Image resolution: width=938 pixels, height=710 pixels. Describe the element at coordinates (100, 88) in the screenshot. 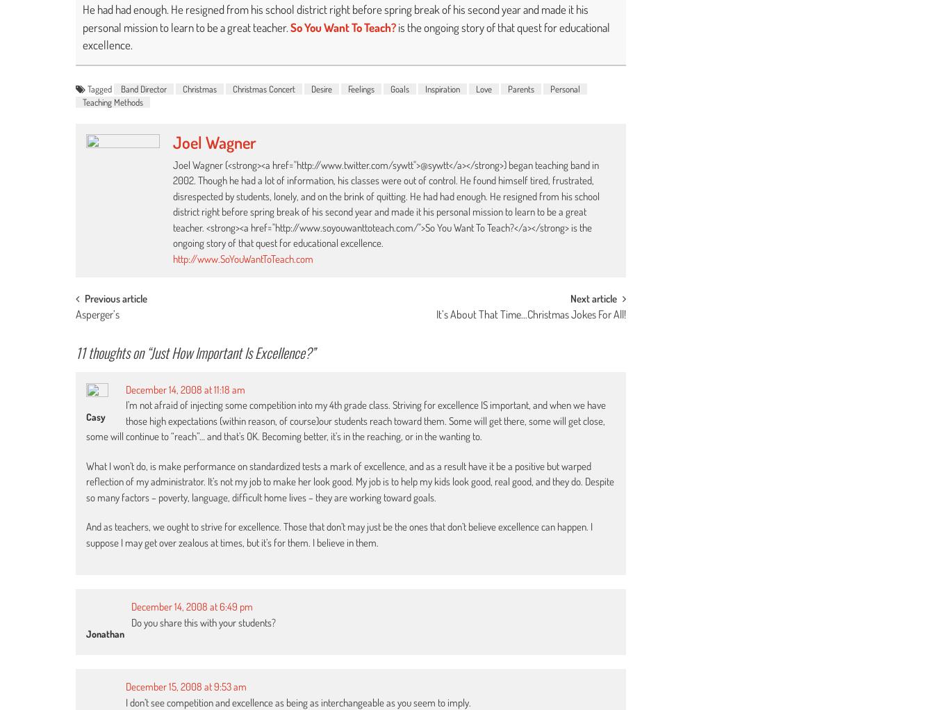

I see `'Tagged'` at that location.